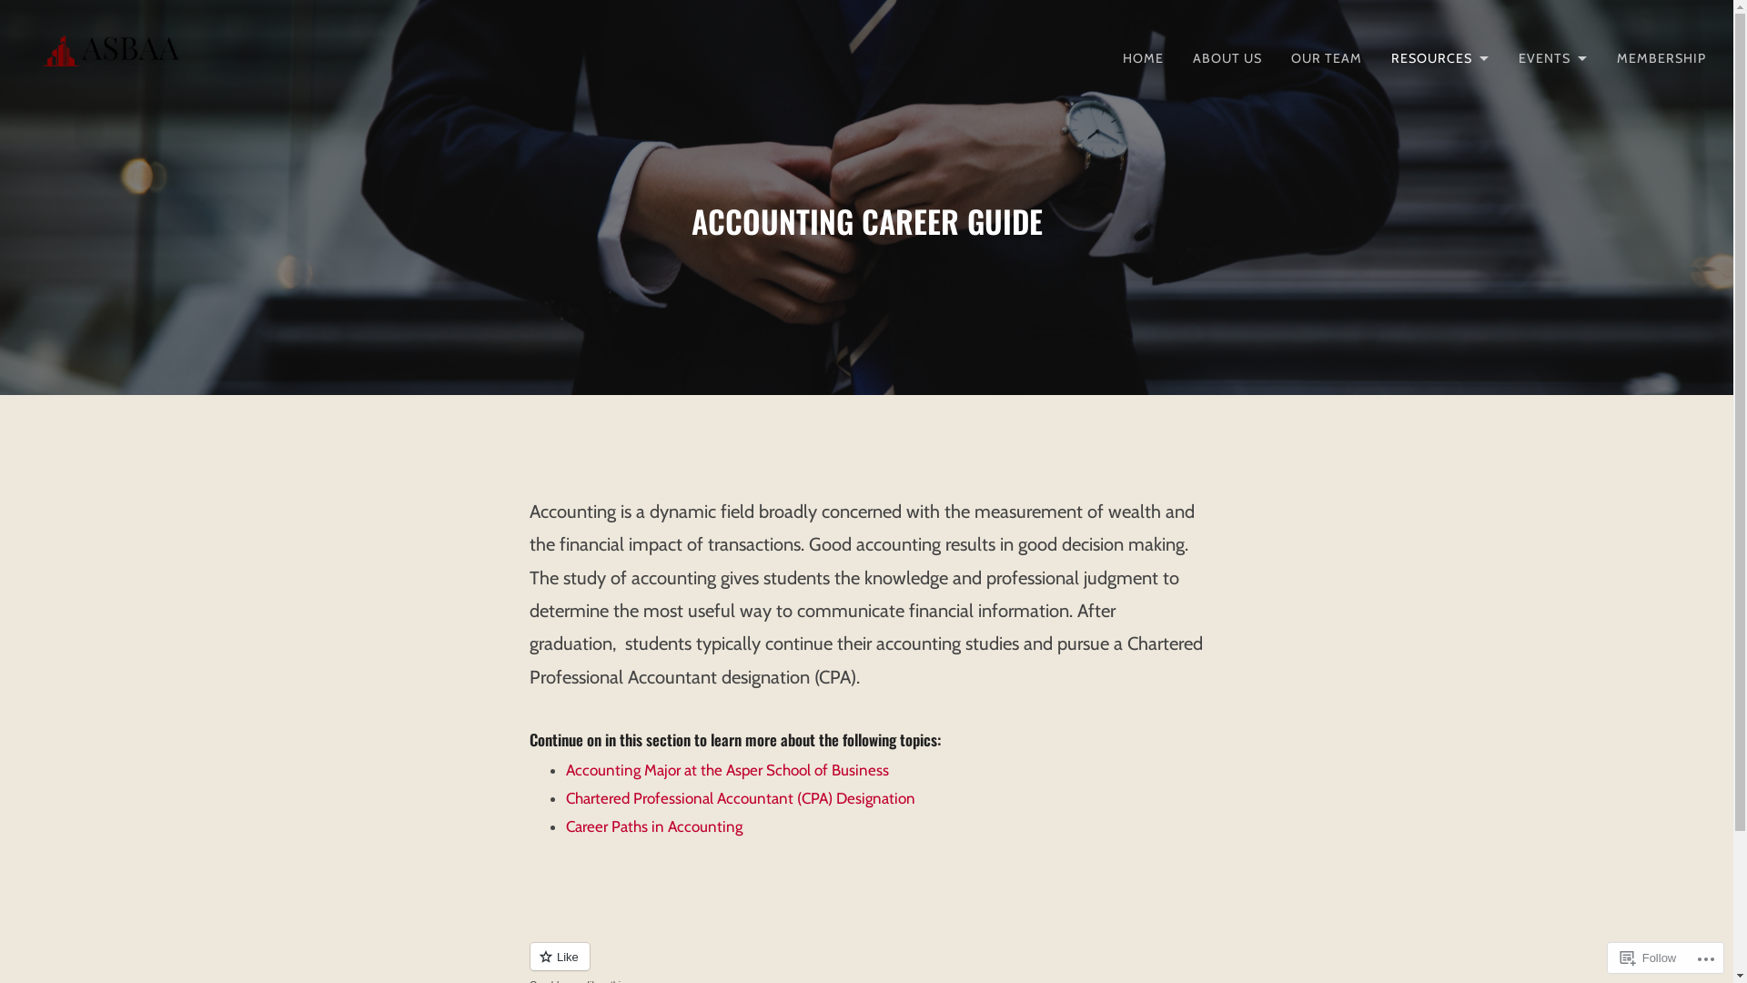 The width and height of the screenshot is (1747, 983). Describe the element at coordinates (726, 769) in the screenshot. I see `'Accounting Major at the Asper School of Business'` at that location.